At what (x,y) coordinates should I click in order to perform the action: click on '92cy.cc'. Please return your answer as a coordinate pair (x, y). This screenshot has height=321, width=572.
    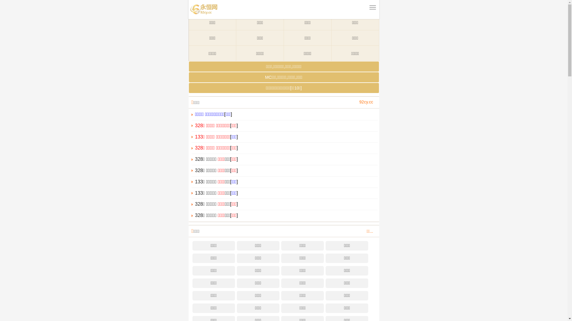
    Looking at the image, I should click on (366, 102).